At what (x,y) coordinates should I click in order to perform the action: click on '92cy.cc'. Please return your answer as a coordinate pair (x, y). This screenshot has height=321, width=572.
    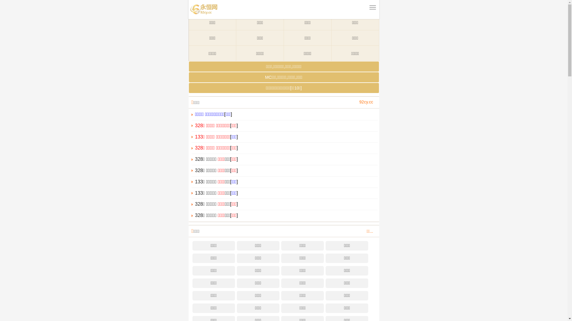
    Looking at the image, I should click on (366, 102).